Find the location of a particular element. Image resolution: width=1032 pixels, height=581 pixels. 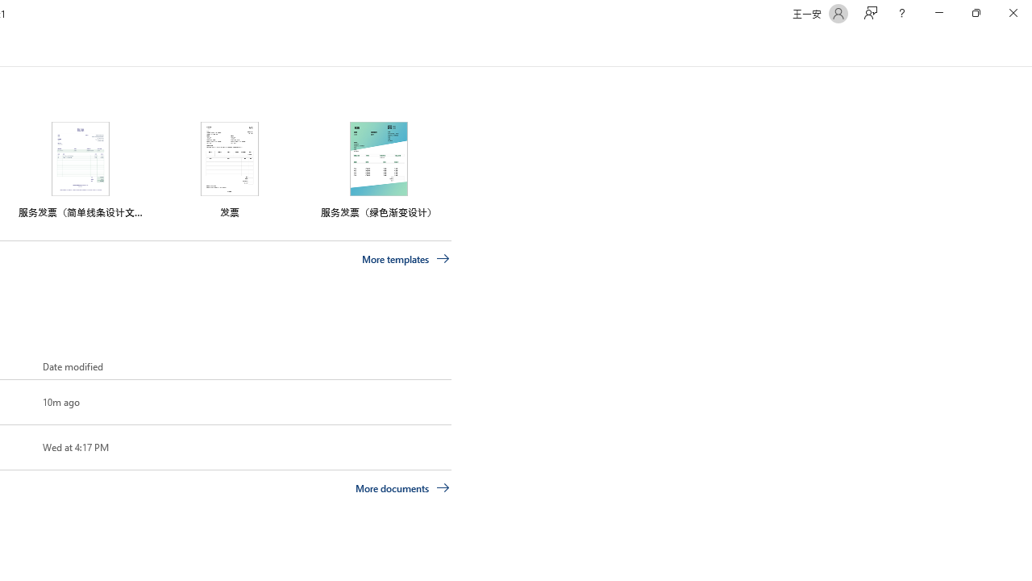

'Close' is located at coordinates (1012, 13).